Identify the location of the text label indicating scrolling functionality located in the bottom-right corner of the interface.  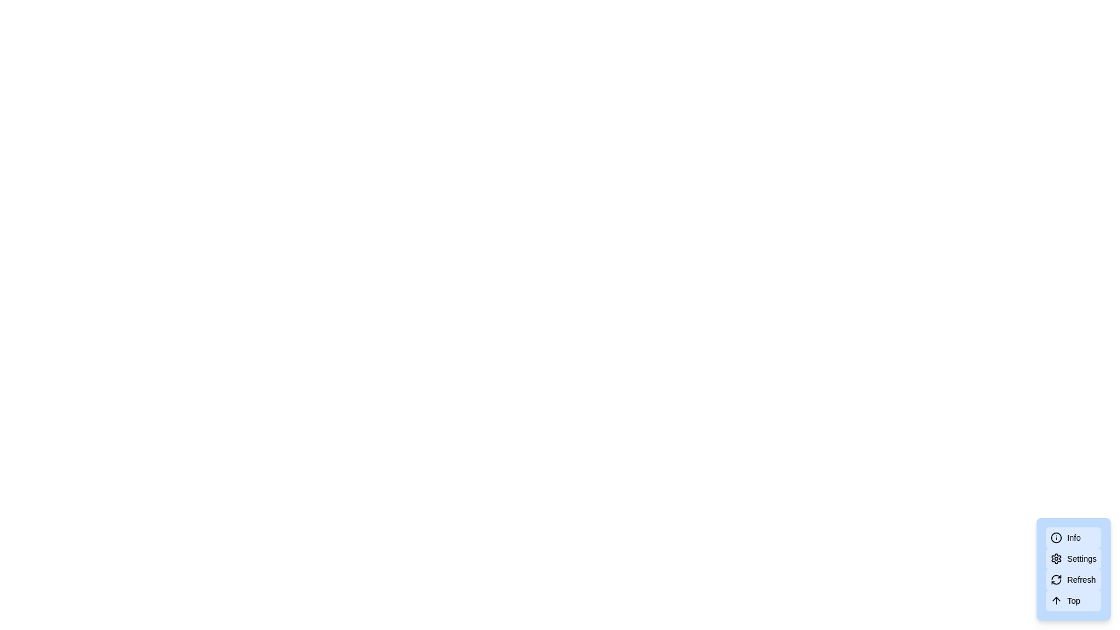
(1073, 600).